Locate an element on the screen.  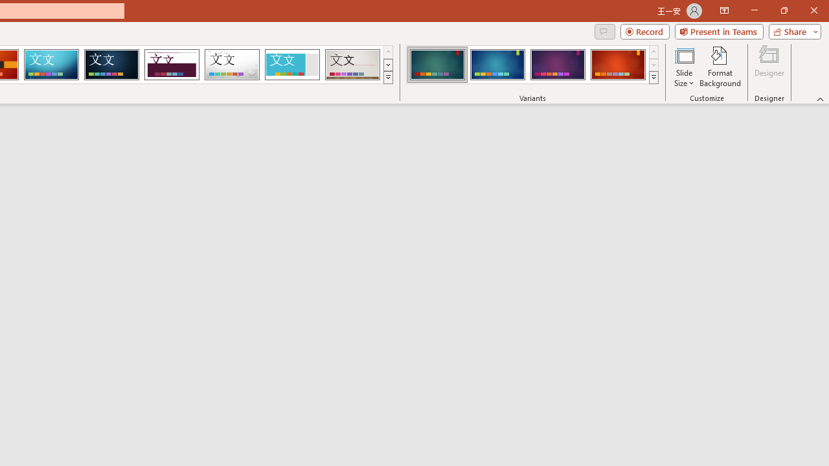
'Ion Variant 4' is located at coordinates (617, 65).